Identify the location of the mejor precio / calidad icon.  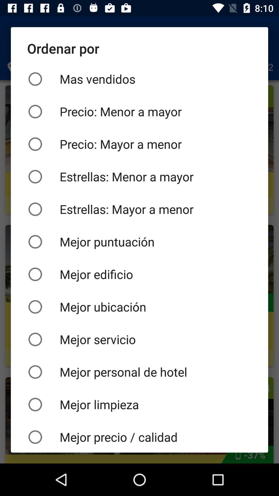
(139, 436).